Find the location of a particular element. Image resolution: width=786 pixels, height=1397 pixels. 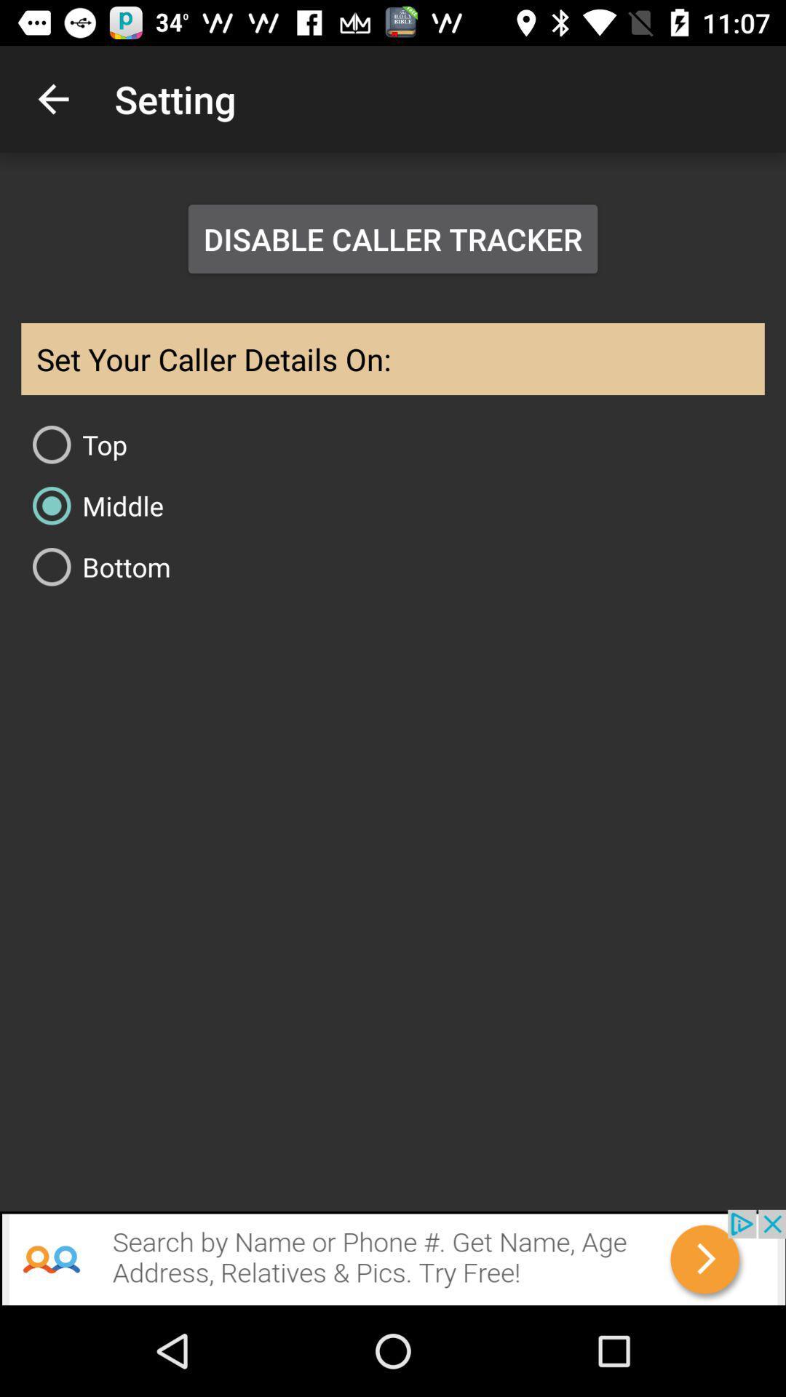

search by name or phone get name age address relatives pics try free is located at coordinates (393, 1257).